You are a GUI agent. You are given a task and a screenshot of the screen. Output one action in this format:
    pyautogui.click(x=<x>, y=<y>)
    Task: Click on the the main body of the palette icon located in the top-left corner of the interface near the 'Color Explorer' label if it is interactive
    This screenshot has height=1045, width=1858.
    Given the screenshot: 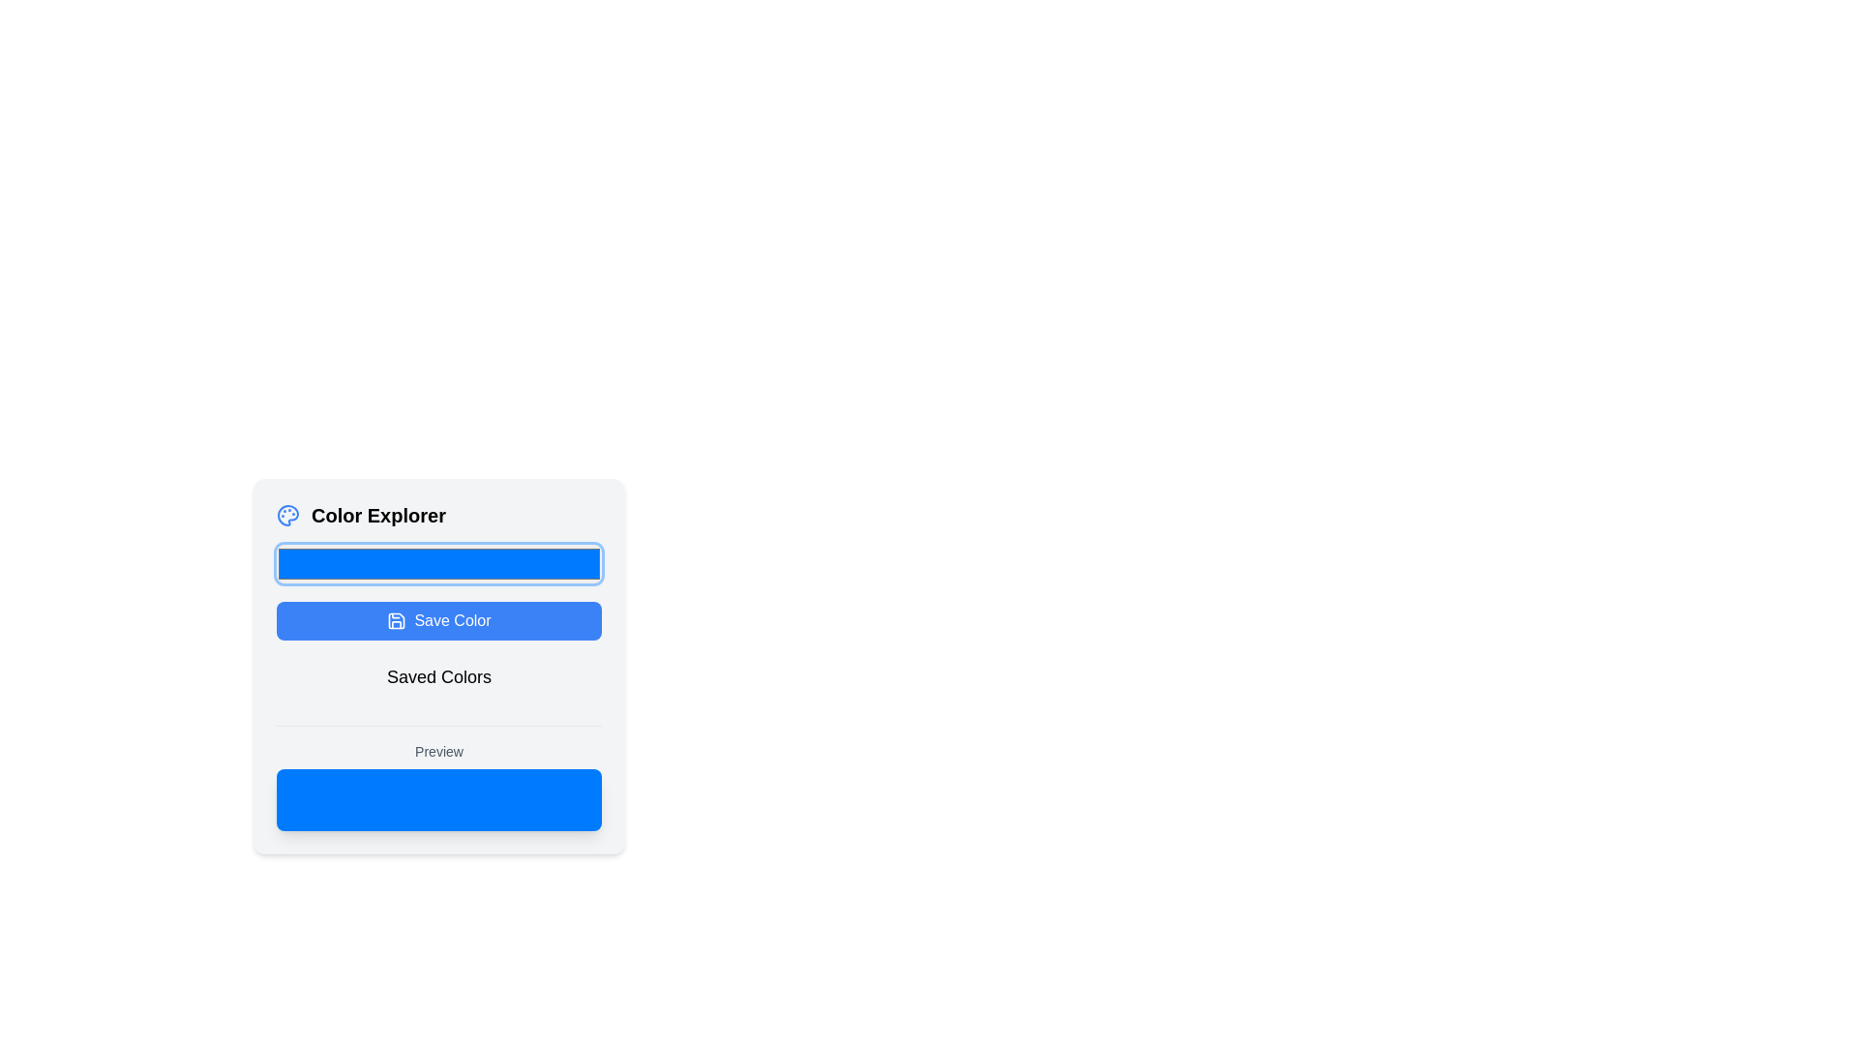 What is the action you would take?
    pyautogui.click(x=286, y=514)
    